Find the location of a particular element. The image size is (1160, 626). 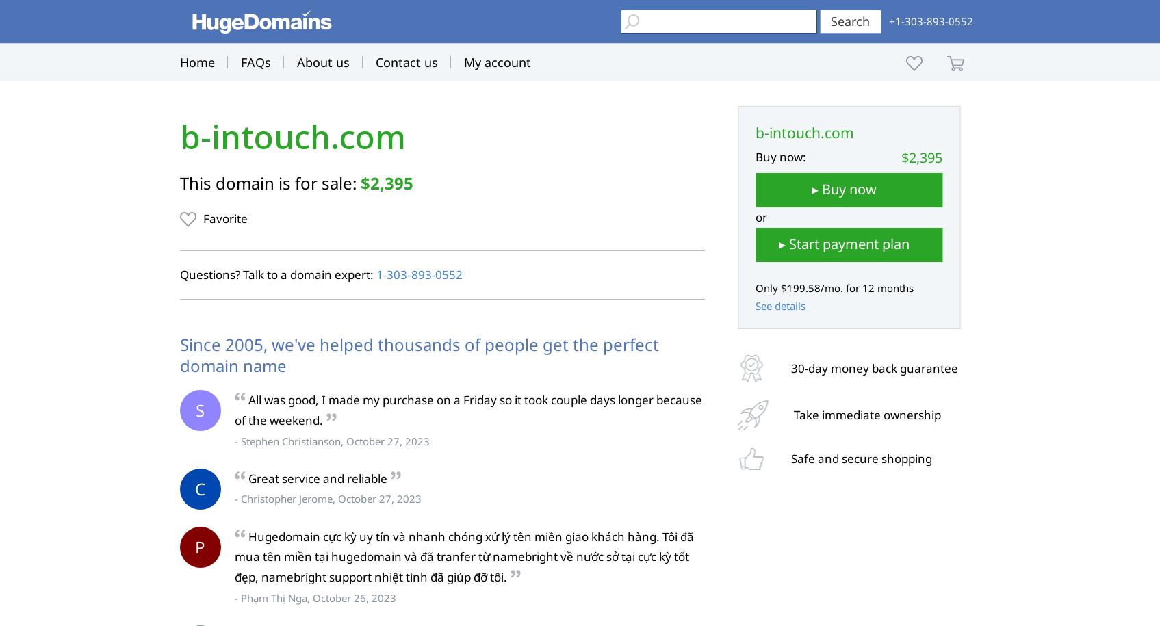

'All was good, I made my purchase on a Friday so it took couple days longer because of the weekend.' is located at coordinates (467, 409).